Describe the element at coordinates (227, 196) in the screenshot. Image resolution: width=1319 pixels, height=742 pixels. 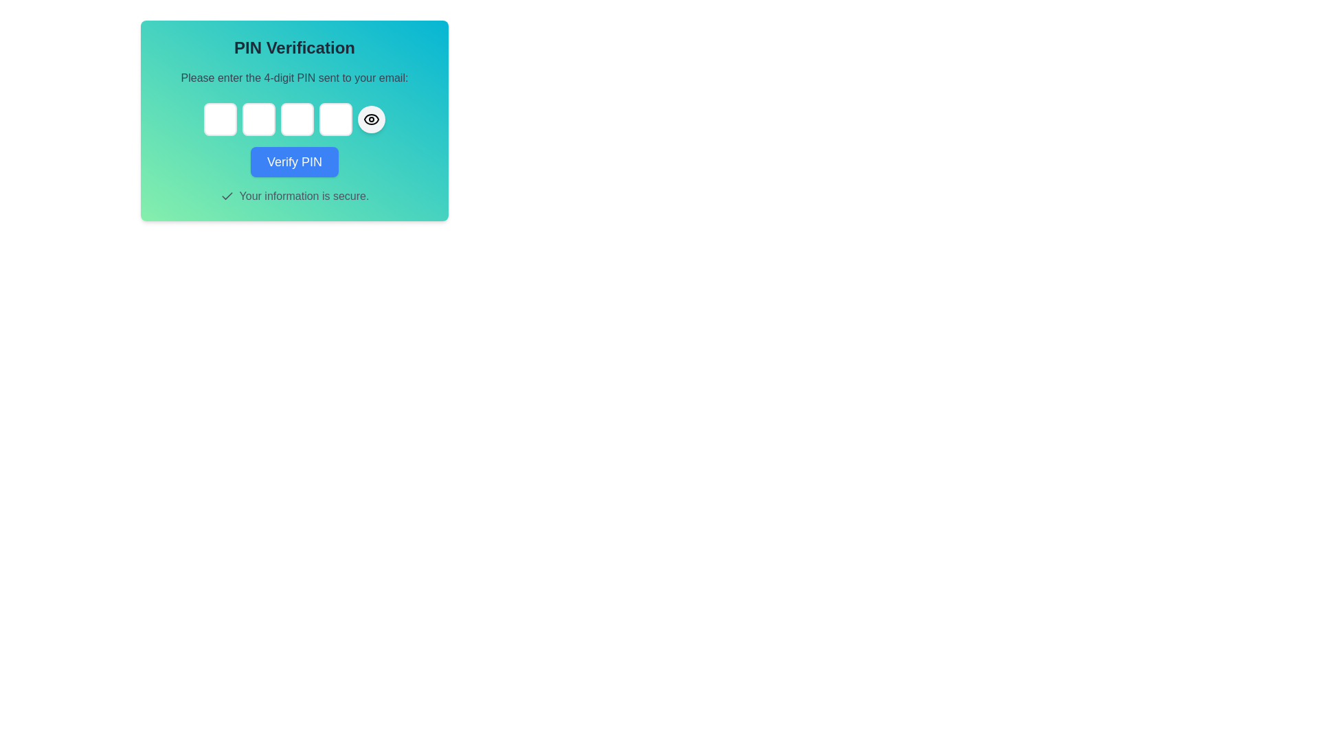
I see `checkmark icon element located to the left of the text 'Your information is secure.' in the lower section of the card interface` at that location.